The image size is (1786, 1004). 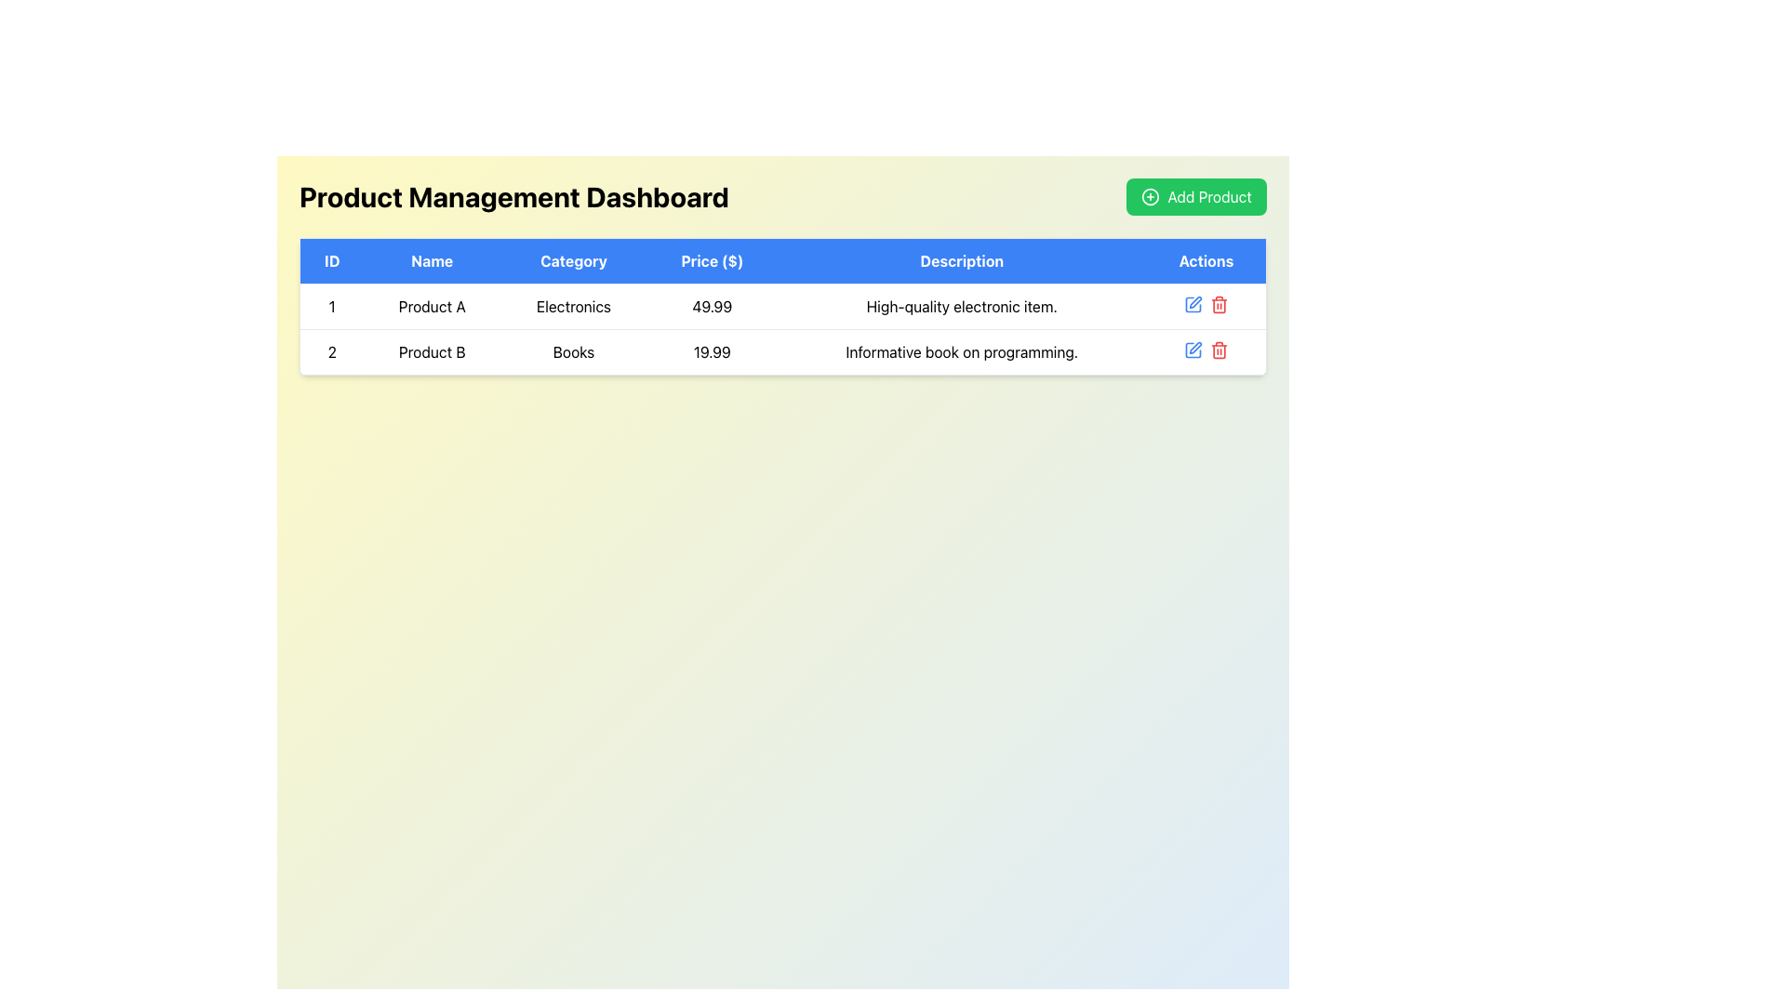 What do you see at coordinates (331, 351) in the screenshot?
I see `the numerical label displaying the value '2' which represents the ID of a product, located in the column labeled 'ID'` at bounding box center [331, 351].